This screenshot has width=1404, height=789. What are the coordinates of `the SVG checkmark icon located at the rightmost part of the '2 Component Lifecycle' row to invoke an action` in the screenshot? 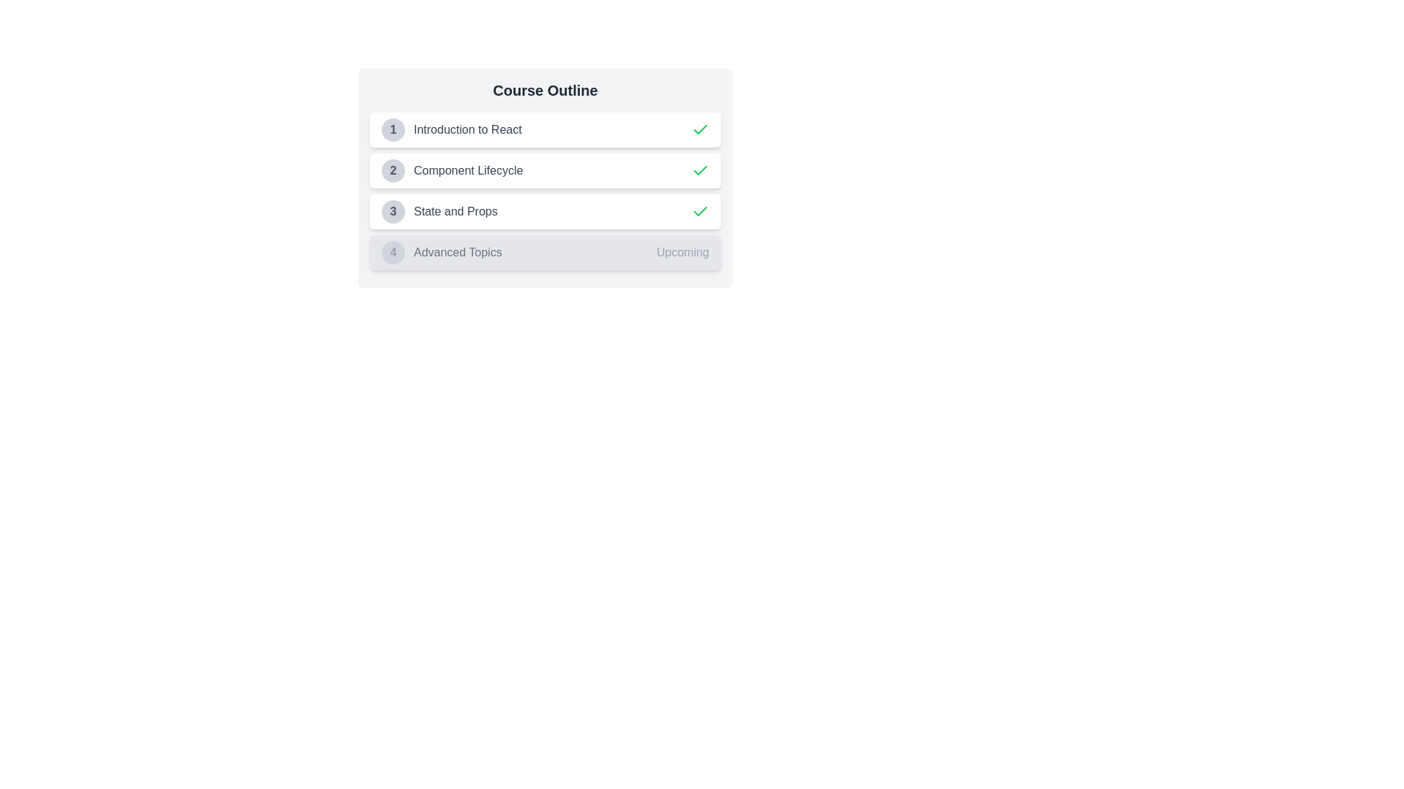 It's located at (700, 170).